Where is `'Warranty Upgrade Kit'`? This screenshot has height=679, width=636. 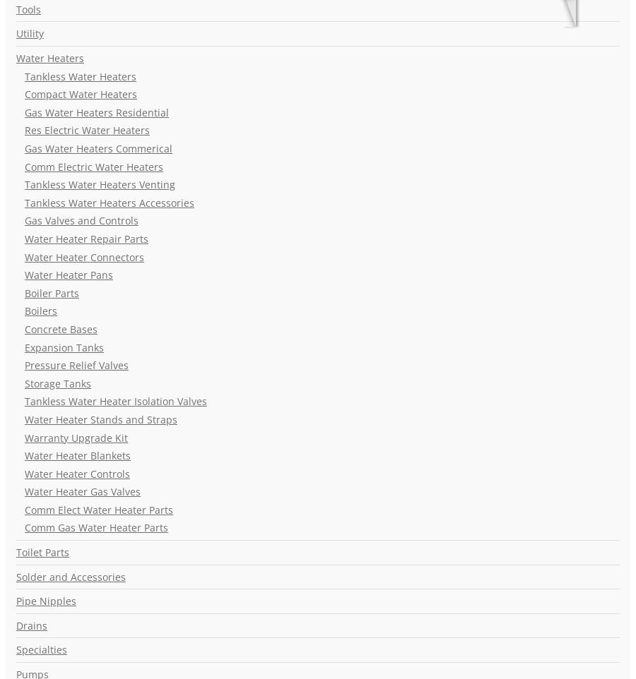 'Warranty Upgrade Kit' is located at coordinates (24, 436).